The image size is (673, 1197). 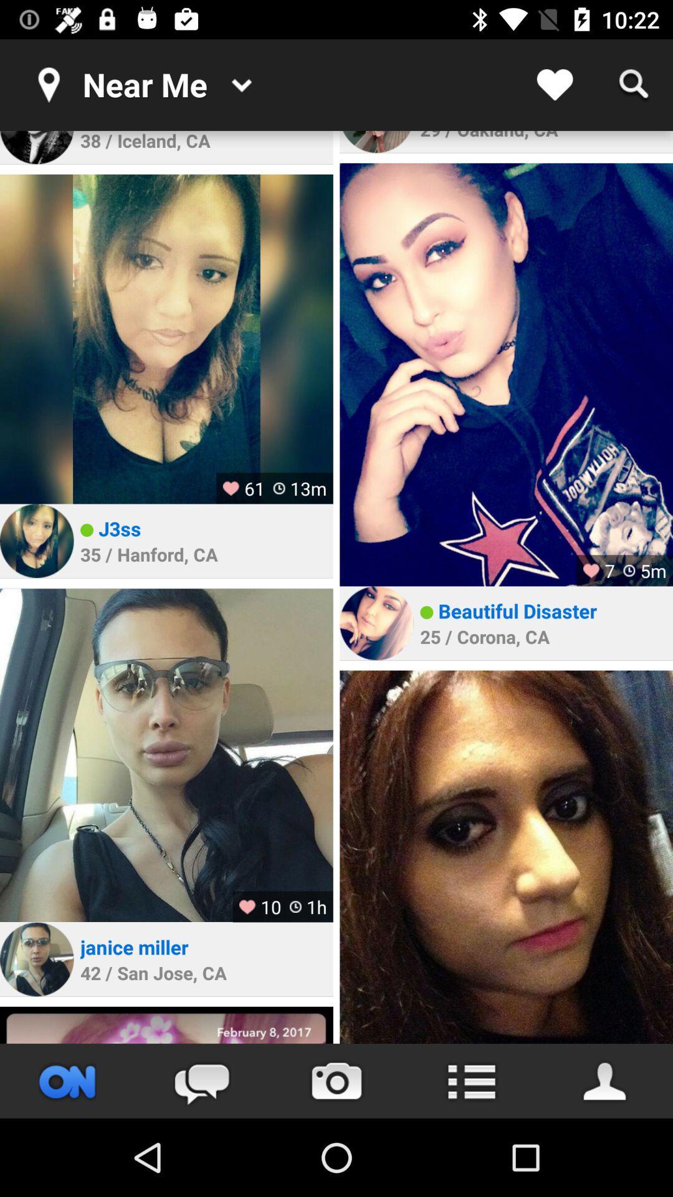 What do you see at coordinates (36, 147) in the screenshot?
I see `profile` at bounding box center [36, 147].